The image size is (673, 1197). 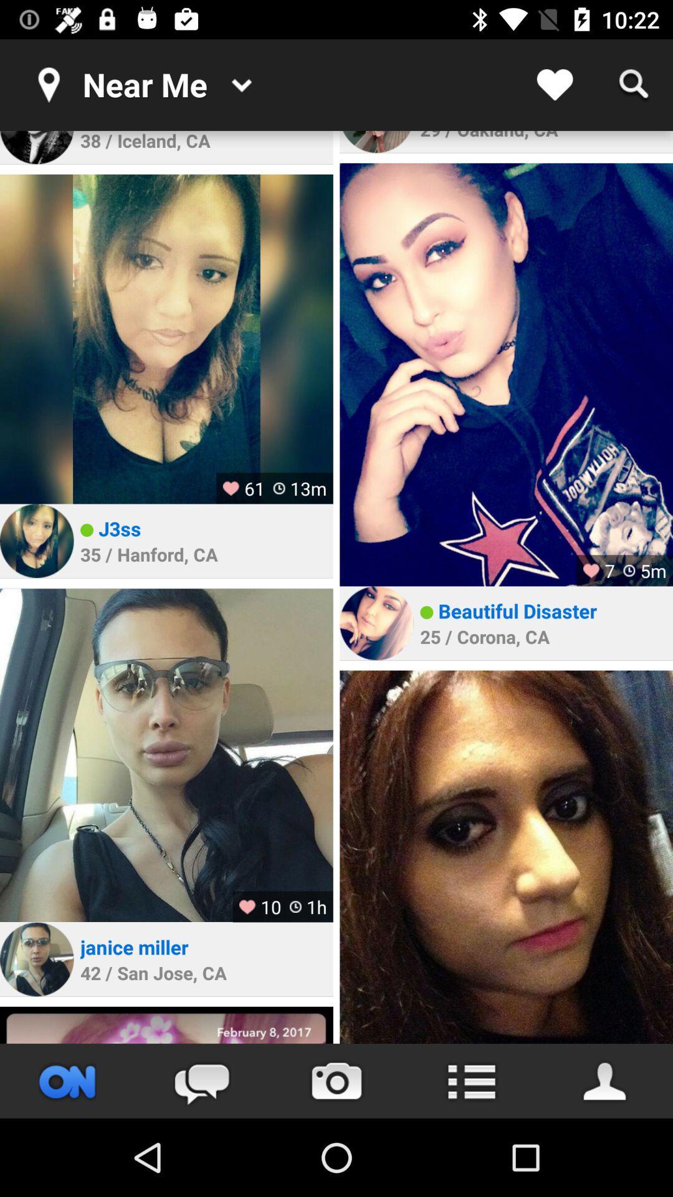 What do you see at coordinates (36, 147) in the screenshot?
I see `profile` at bounding box center [36, 147].